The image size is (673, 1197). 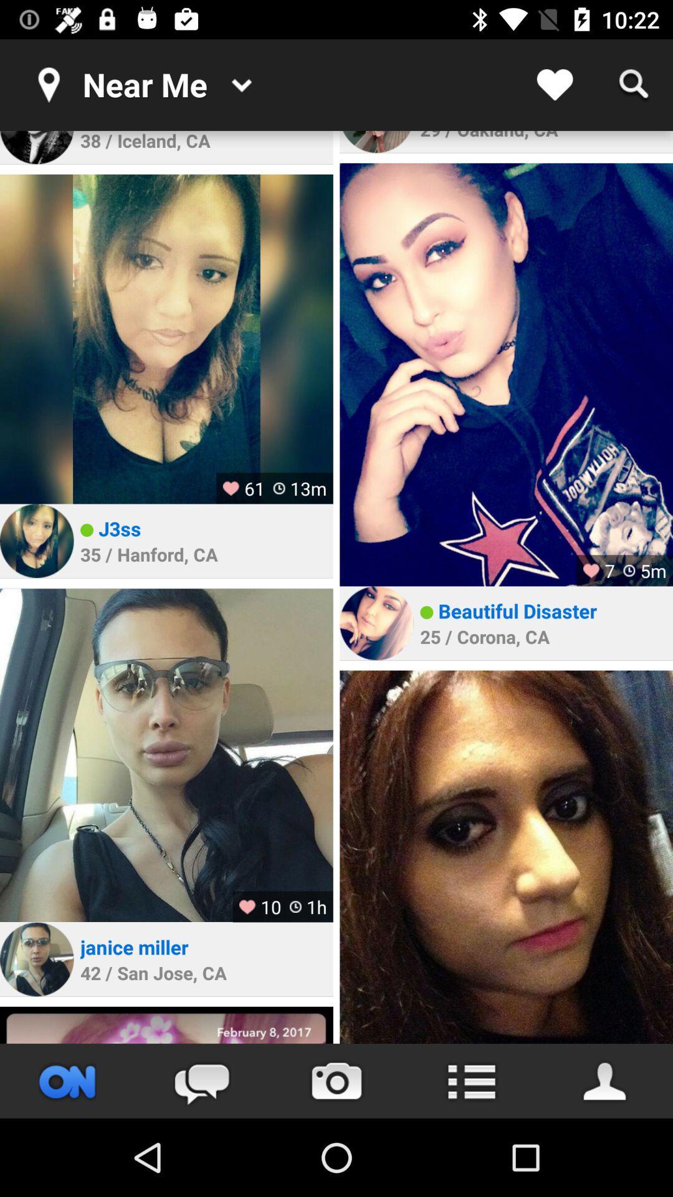 What do you see at coordinates (36, 147) in the screenshot?
I see `profile` at bounding box center [36, 147].